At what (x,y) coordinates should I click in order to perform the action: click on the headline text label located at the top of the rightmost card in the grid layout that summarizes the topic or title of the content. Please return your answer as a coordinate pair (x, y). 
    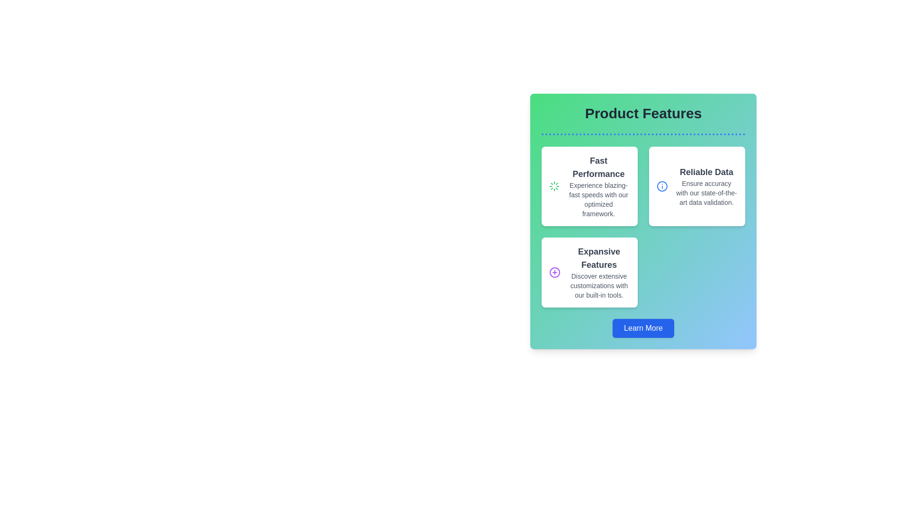
    Looking at the image, I should click on (706, 172).